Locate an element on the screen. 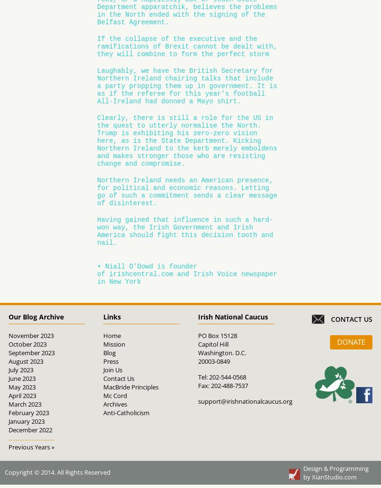 Image resolution: width=381 pixels, height=488 pixels. 'and Irish Voice newspaper in New York' is located at coordinates (187, 278).